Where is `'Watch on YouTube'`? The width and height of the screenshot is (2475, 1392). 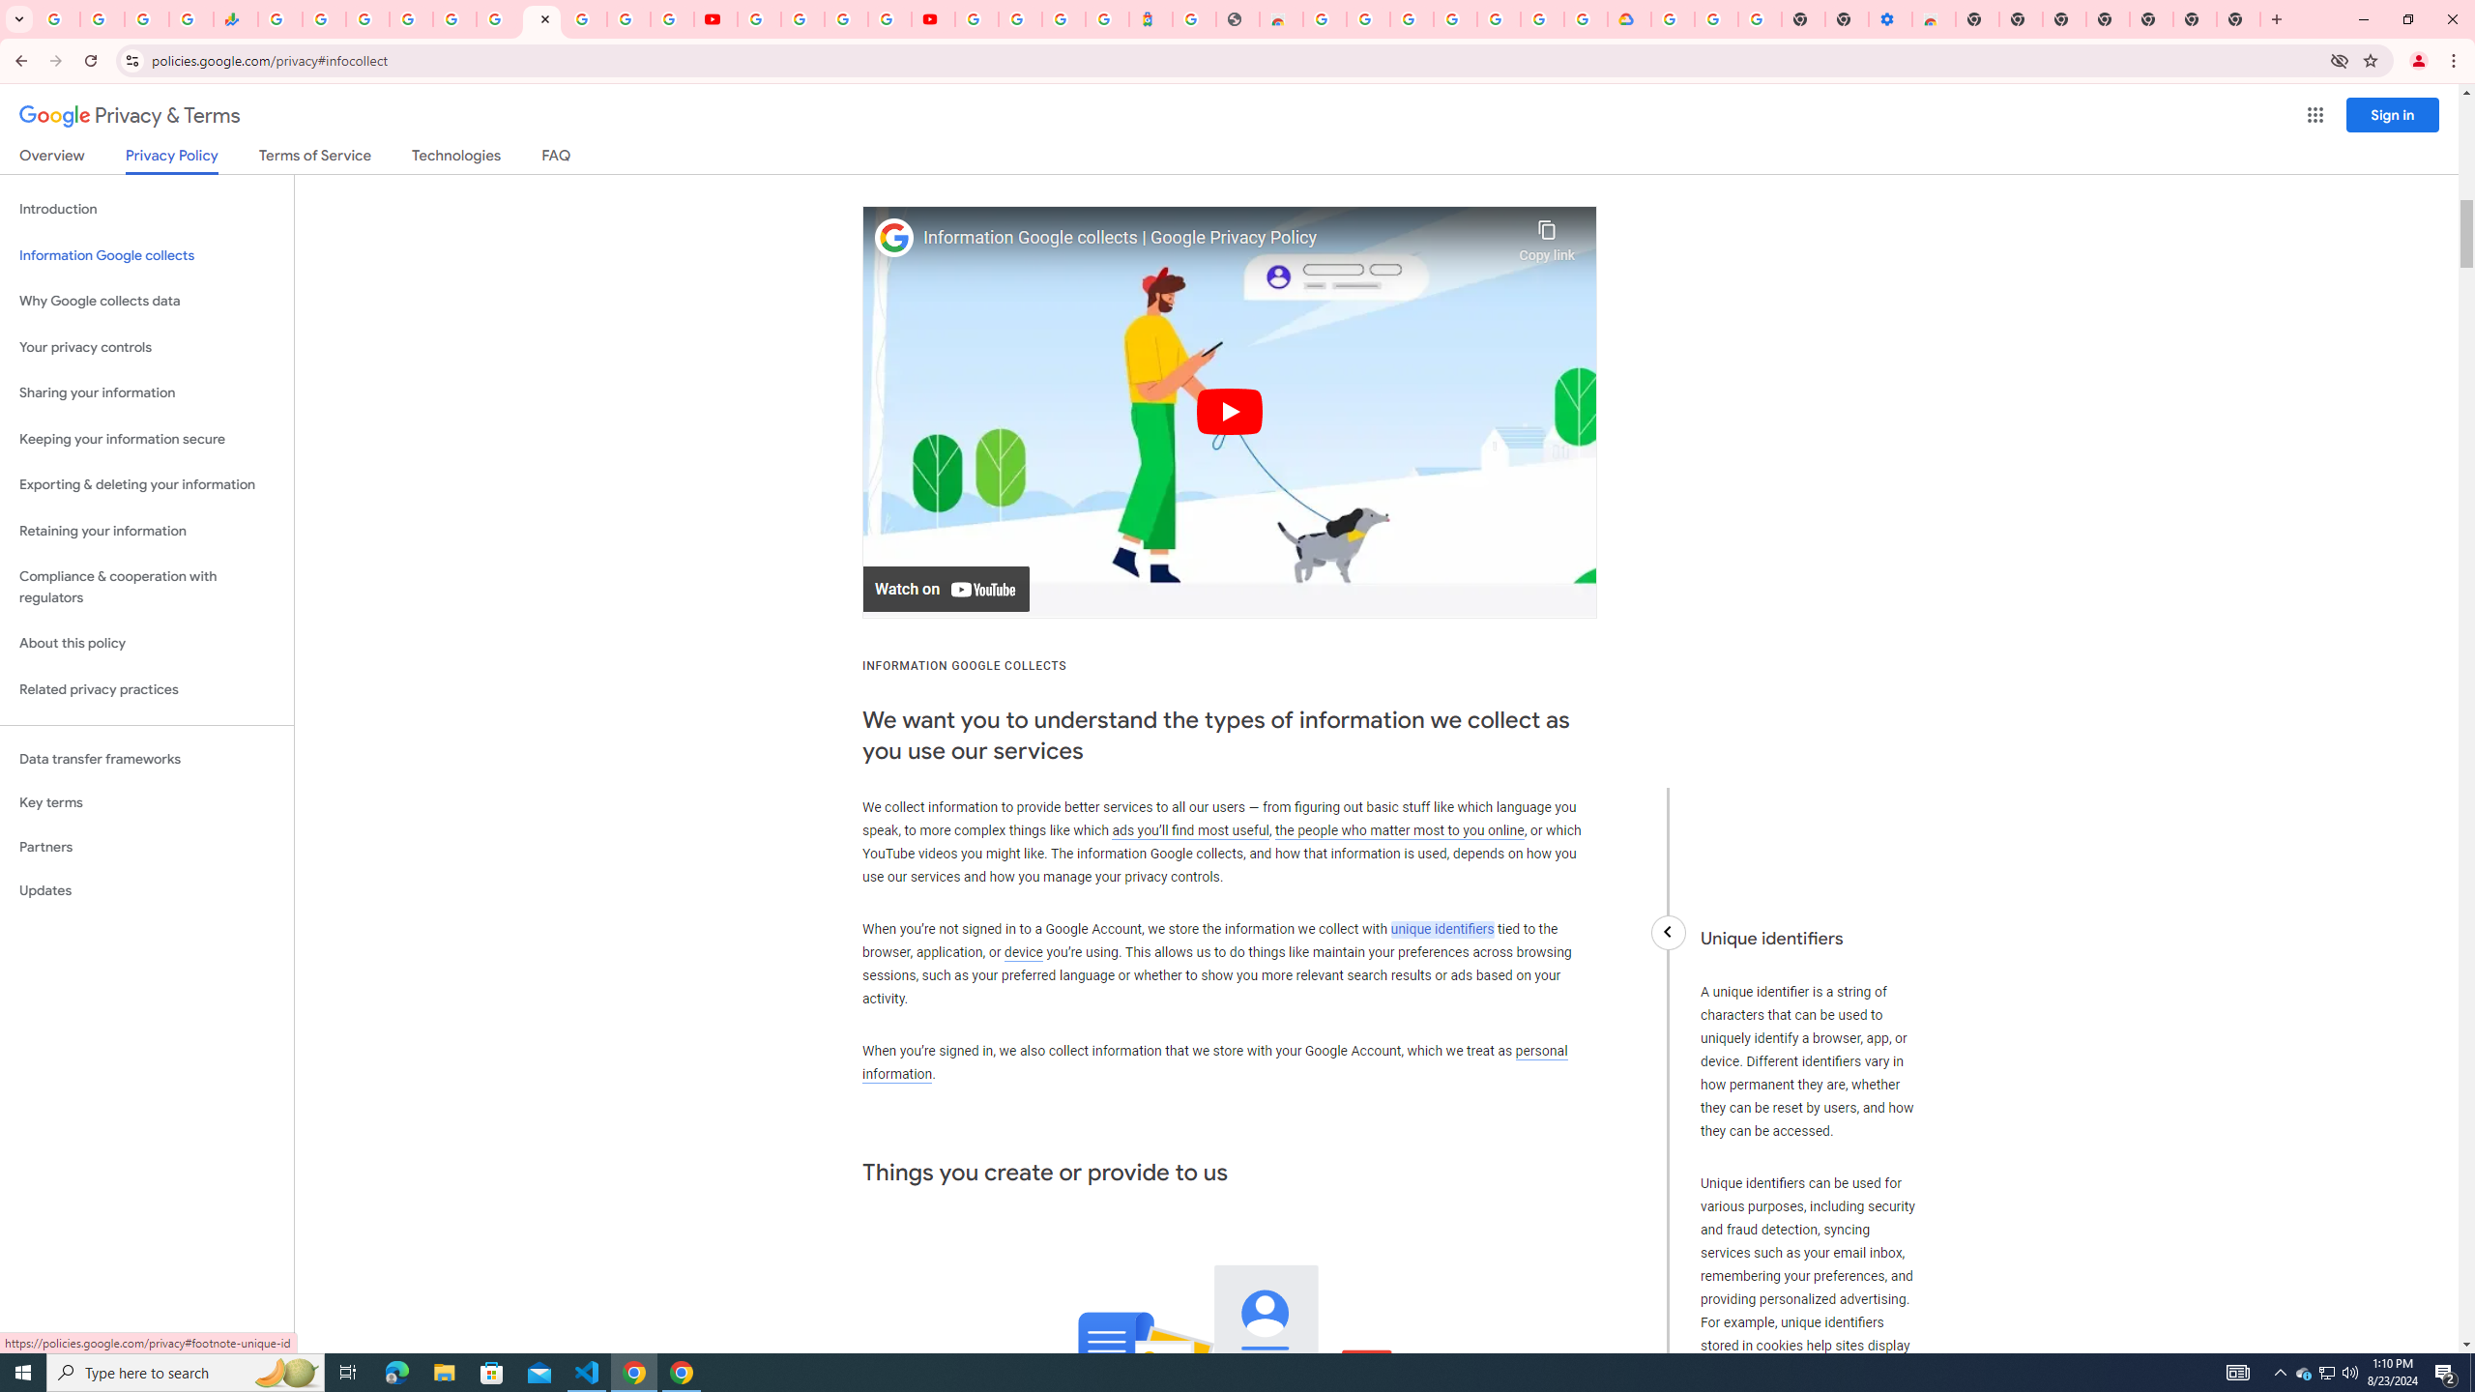
'Watch on YouTube' is located at coordinates (946, 588).